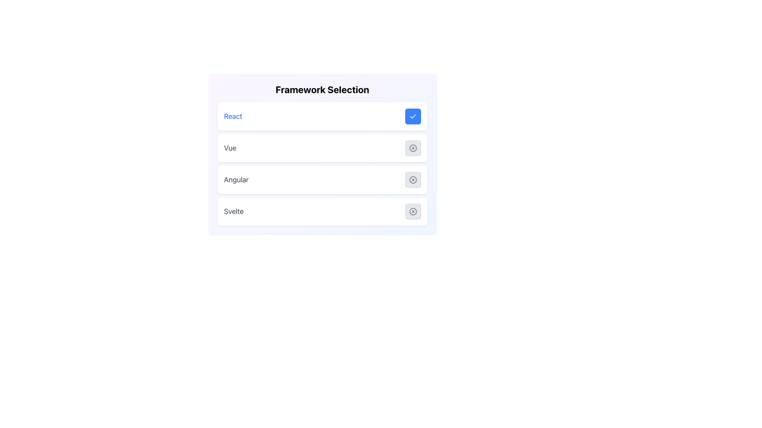 This screenshot has width=762, height=428. Describe the element at coordinates (413, 211) in the screenshot. I see `the visual representation of the circular vector graphic element that serves as part of the 'clear' or 'close' symbol icon, located in the 'Svelte' row and adjacent to a stroked 'X' line` at that location.